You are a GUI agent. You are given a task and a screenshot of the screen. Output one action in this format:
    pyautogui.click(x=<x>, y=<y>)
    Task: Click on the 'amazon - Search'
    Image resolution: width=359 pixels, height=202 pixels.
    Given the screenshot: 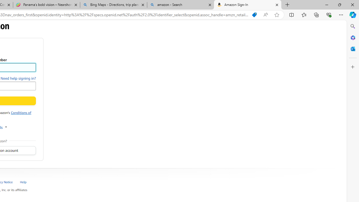 What is the action you would take?
    pyautogui.click(x=180, y=5)
    